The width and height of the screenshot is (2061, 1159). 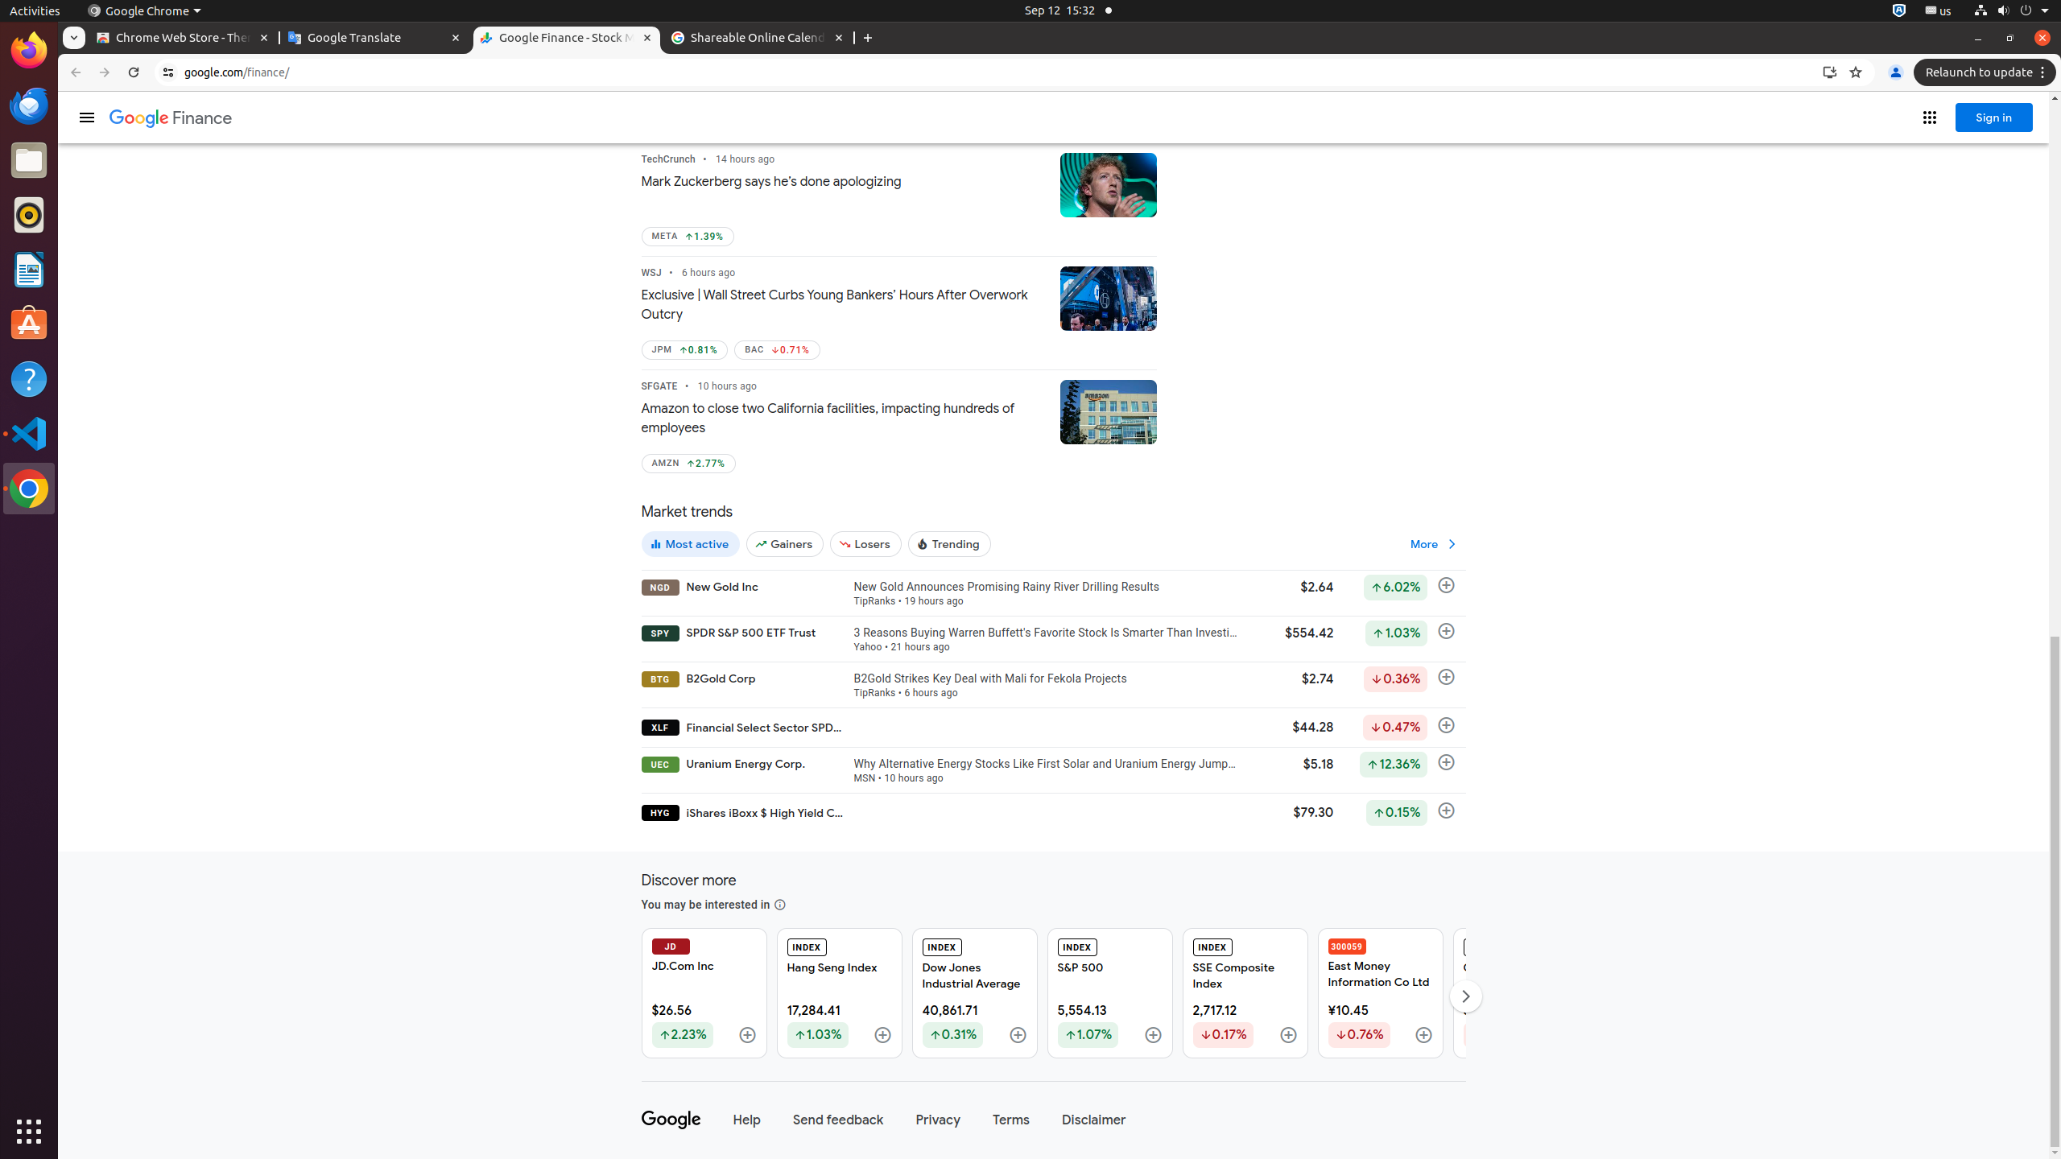 What do you see at coordinates (777, 349) in the screenshot?
I see `'BAC Down by 0.71%'` at bounding box center [777, 349].